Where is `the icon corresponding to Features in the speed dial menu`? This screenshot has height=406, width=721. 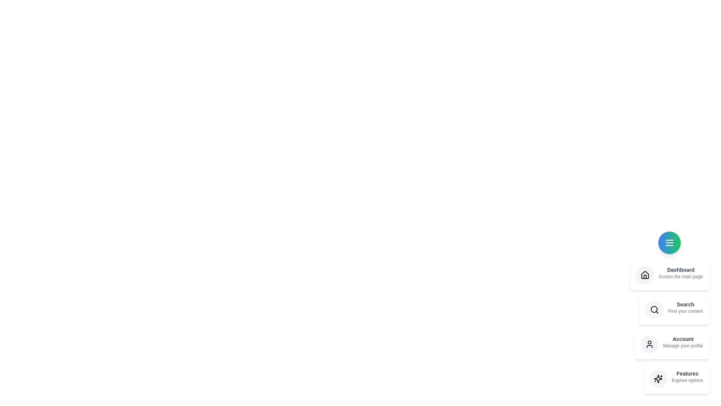
the icon corresponding to Features in the speed dial menu is located at coordinates (658, 379).